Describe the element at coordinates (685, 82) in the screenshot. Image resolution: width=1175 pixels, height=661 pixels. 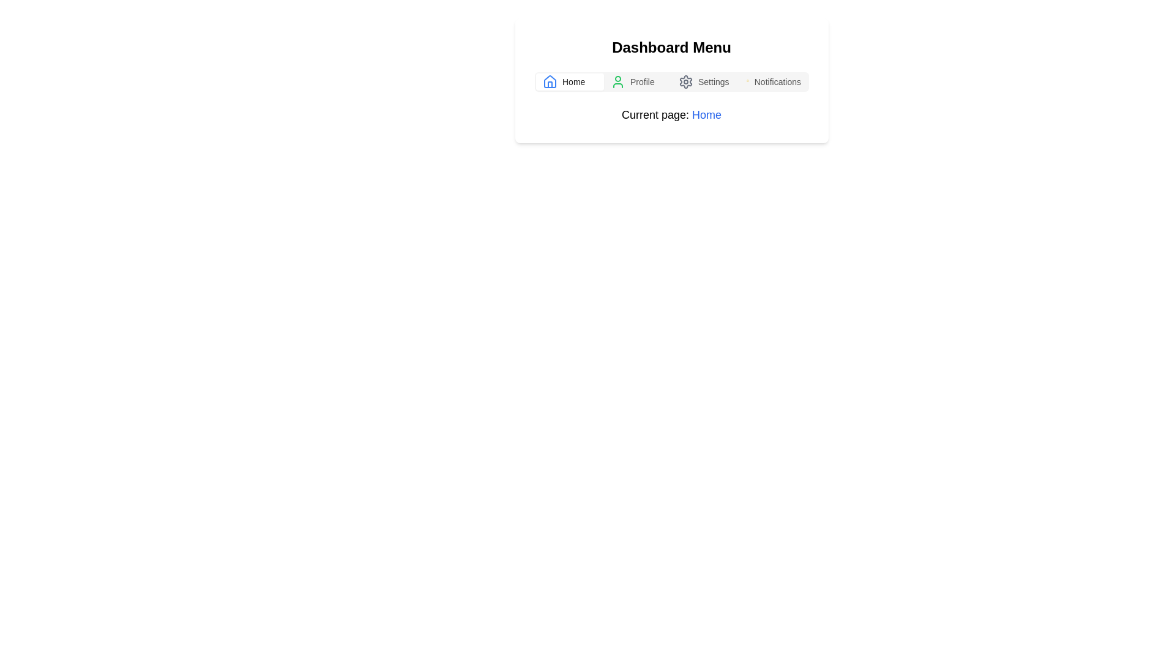
I see `the settings icon located to the left of the 'Settings' label in the menu bar` at that location.